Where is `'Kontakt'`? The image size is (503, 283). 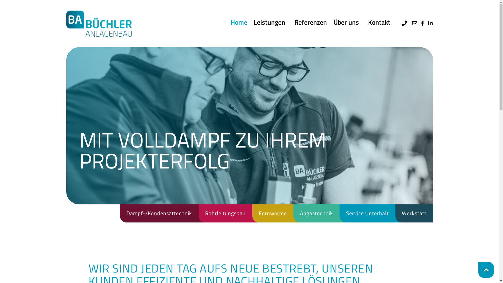 'Kontakt' is located at coordinates (379, 22).